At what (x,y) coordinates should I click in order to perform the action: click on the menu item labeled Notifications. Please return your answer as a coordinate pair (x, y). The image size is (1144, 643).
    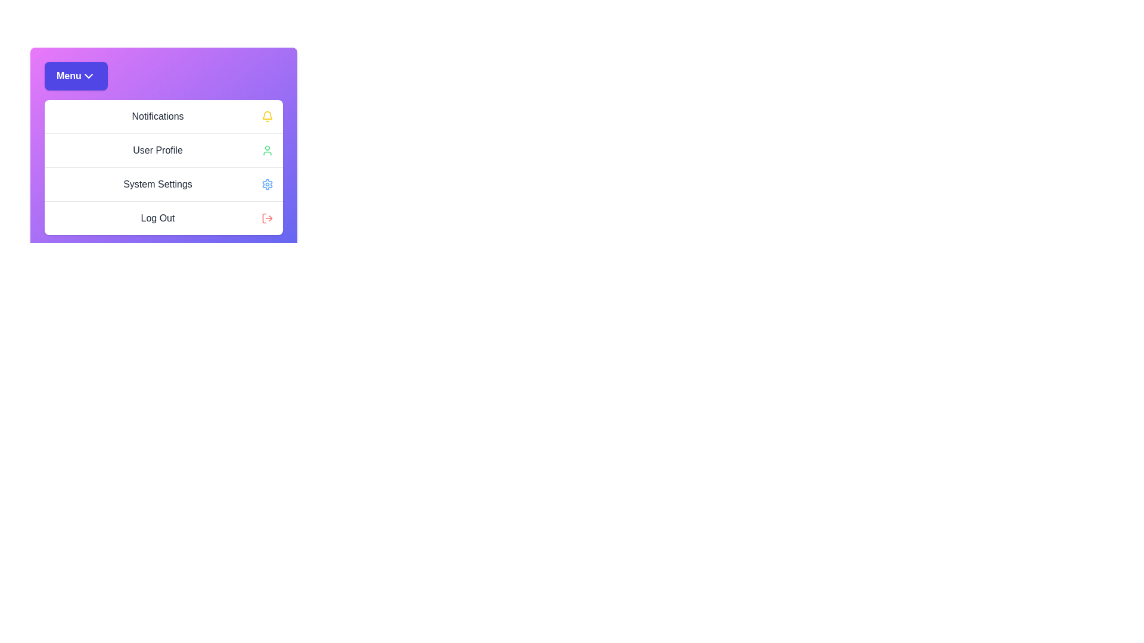
    Looking at the image, I should click on (163, 117).